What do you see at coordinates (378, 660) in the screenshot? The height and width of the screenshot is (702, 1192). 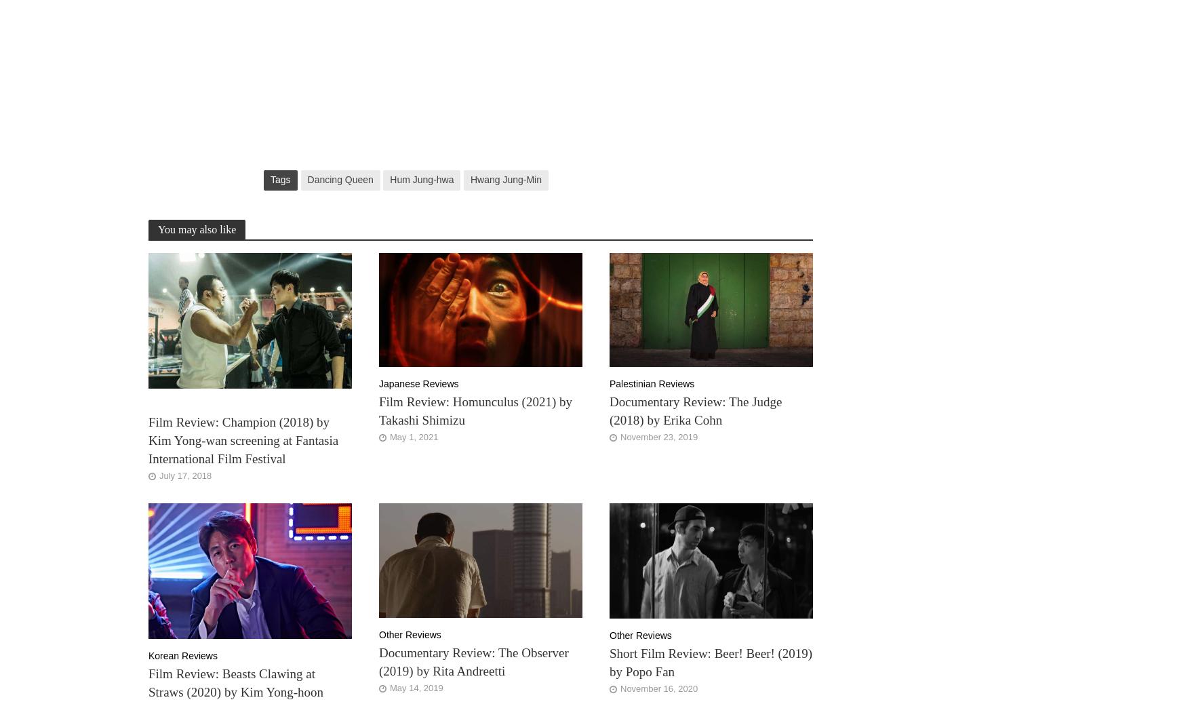 I see `'Documentary Review: The Observer (2019) by Rita Andreetti'` at bounding box center [378, 660].